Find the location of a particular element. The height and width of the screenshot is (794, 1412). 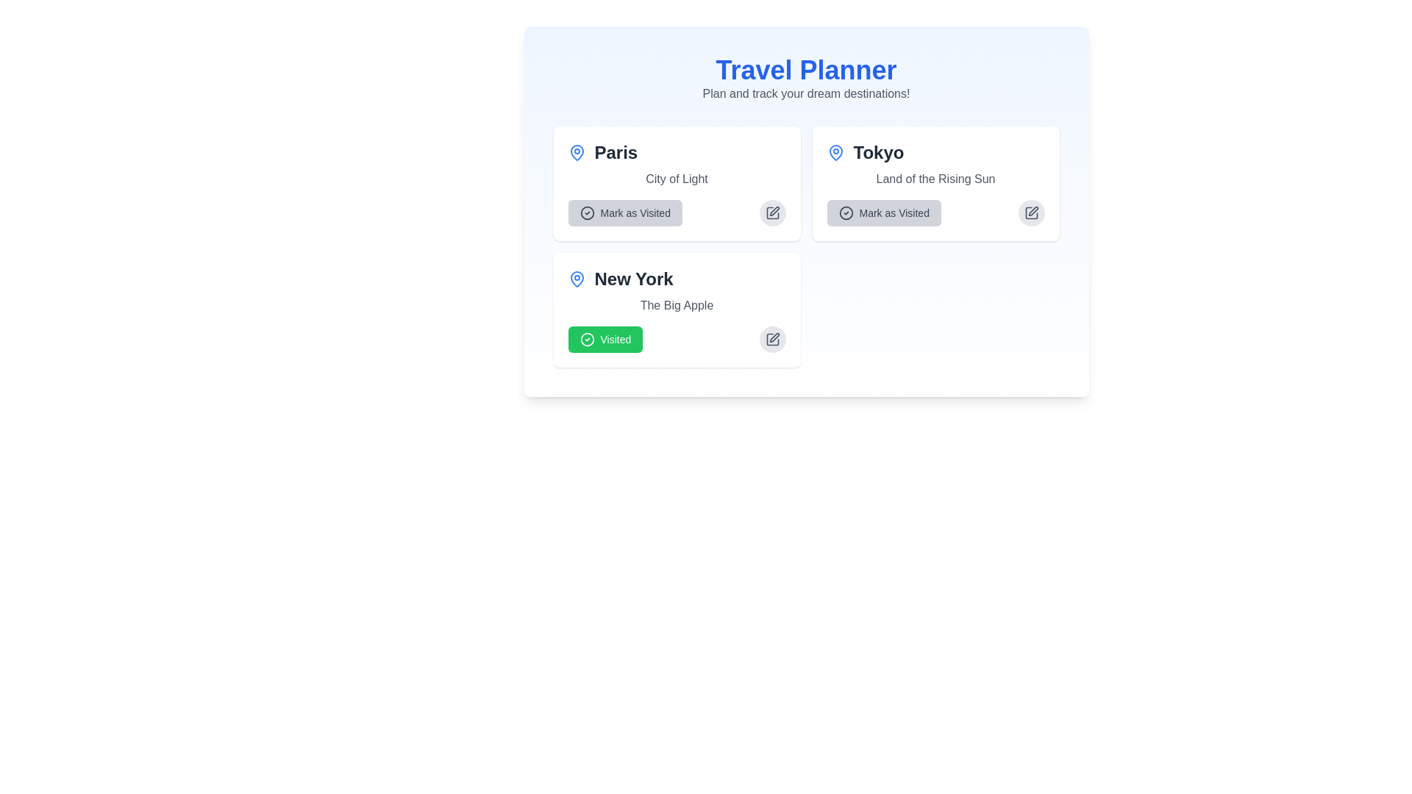

the 'Visited' button located at the bottom-left corner of the 'New York' card is located at coordinates (605, 340).